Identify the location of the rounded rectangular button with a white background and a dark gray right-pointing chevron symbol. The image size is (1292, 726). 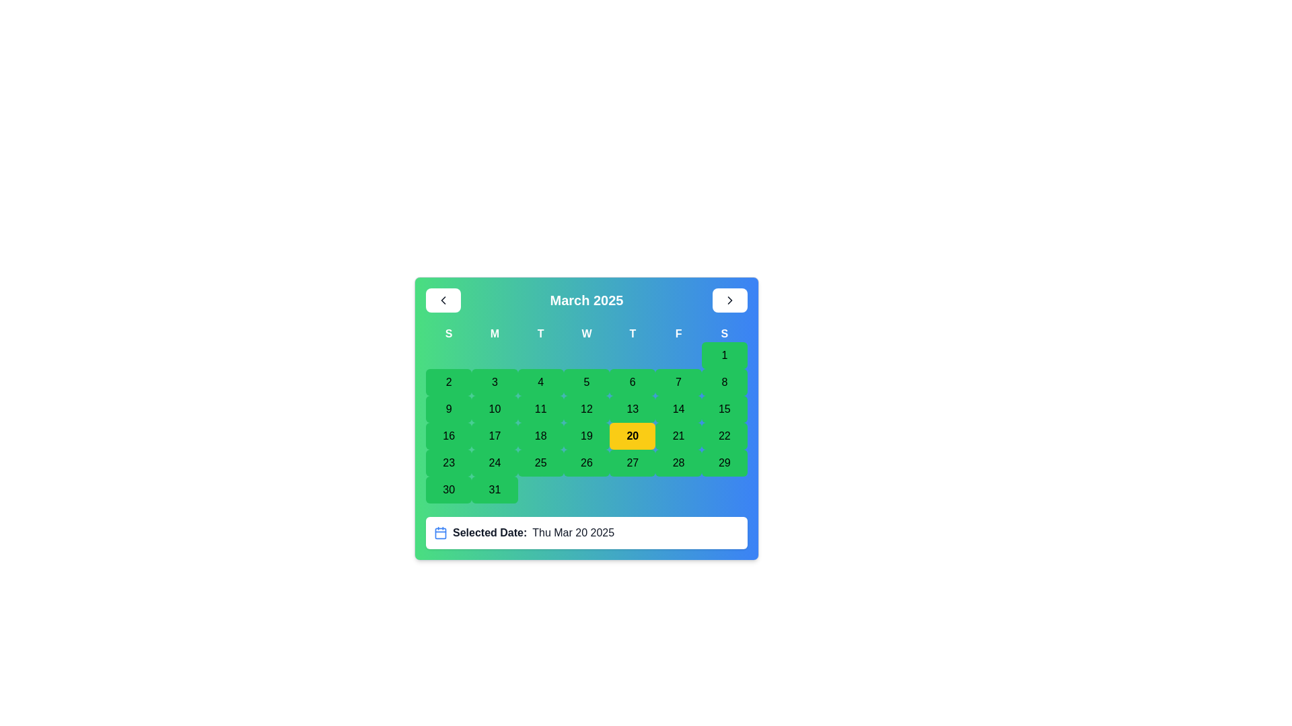
(729, 300).